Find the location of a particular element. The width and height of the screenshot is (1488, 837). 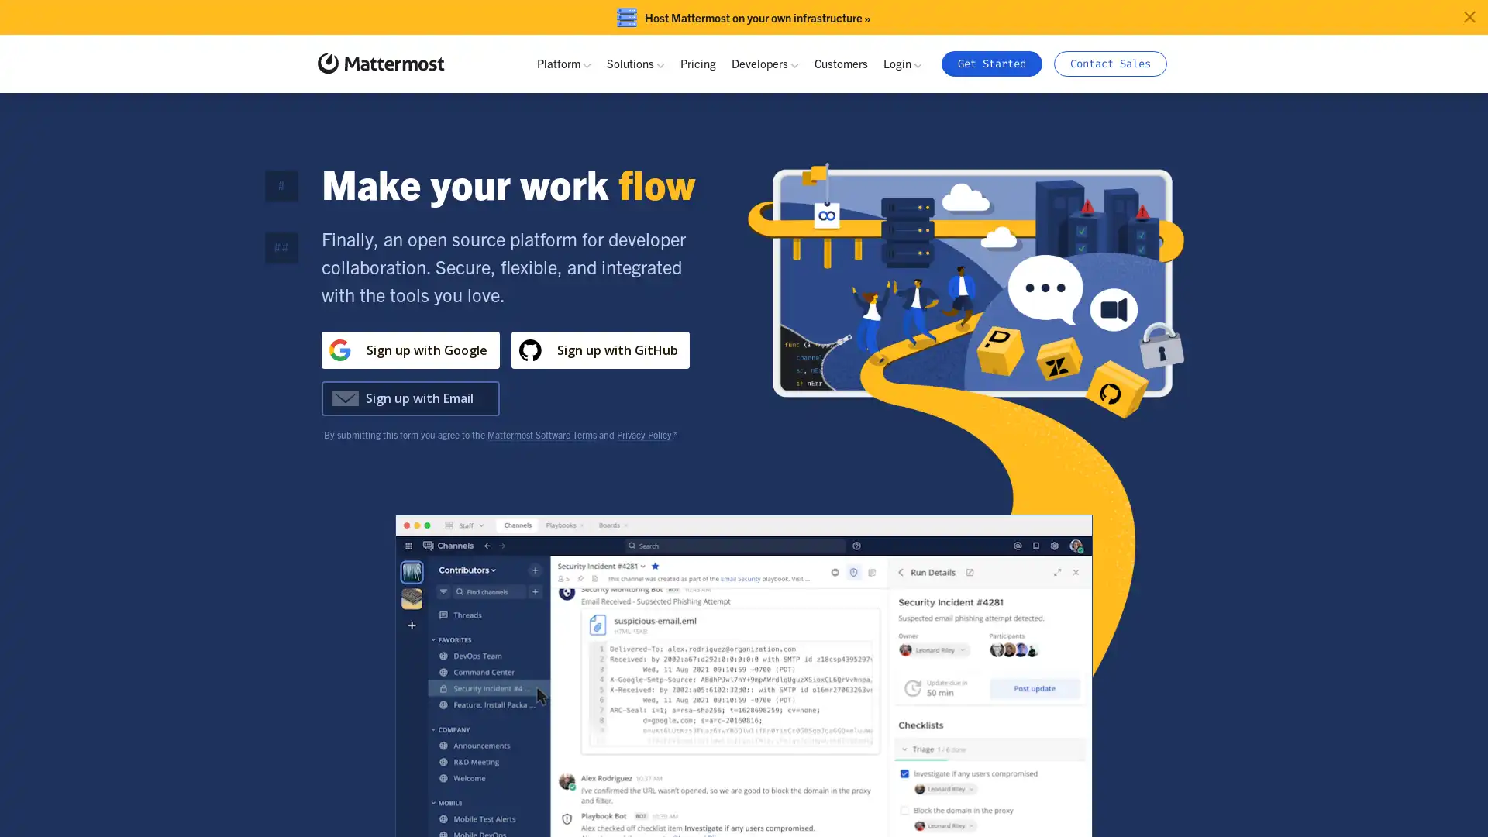

Sign up with Google is located at coordinates (409, 350).